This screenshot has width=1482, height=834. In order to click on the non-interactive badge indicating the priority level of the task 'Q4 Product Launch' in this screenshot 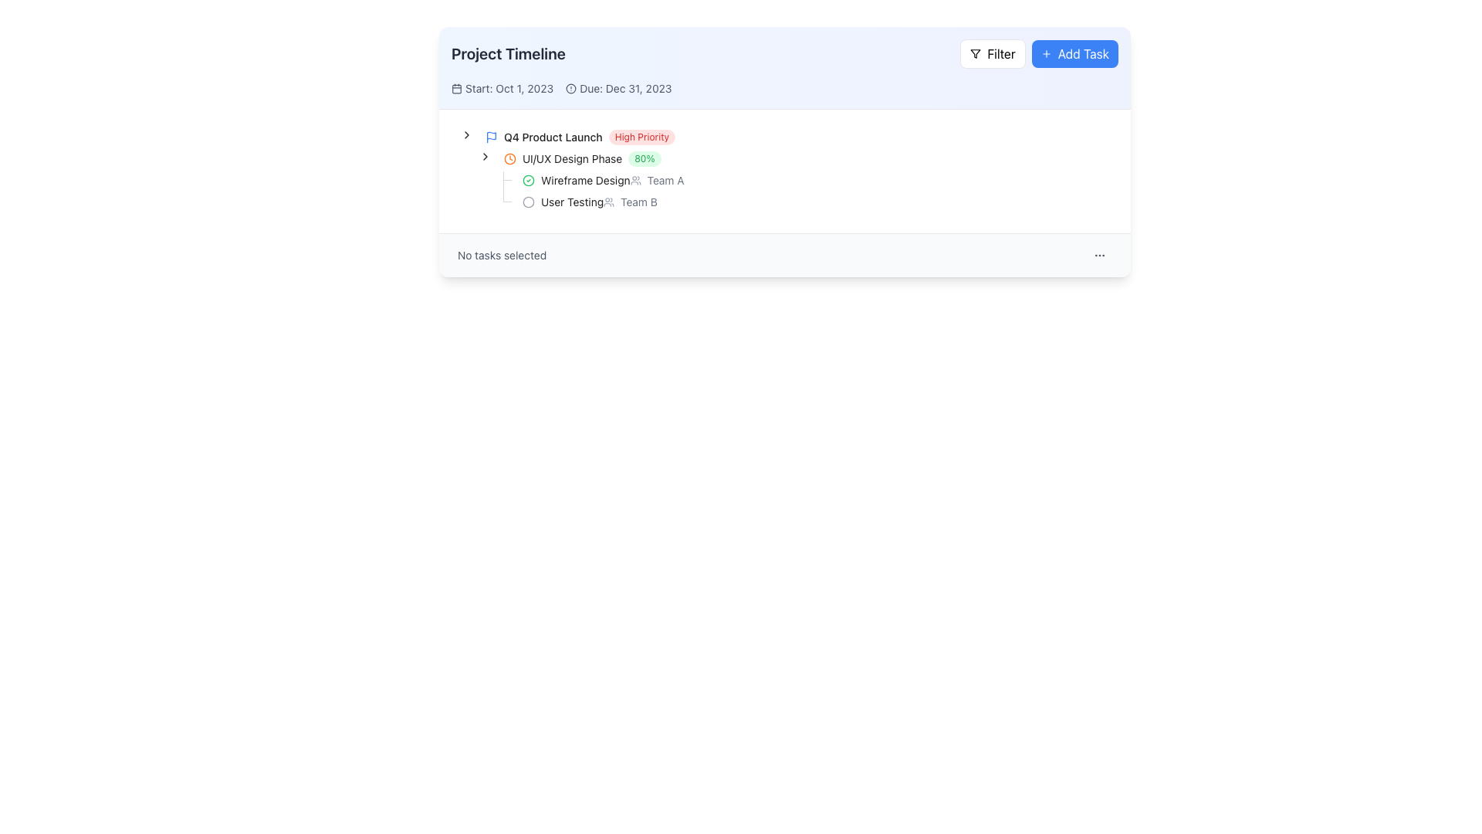, I will do `click(641, 136)`.